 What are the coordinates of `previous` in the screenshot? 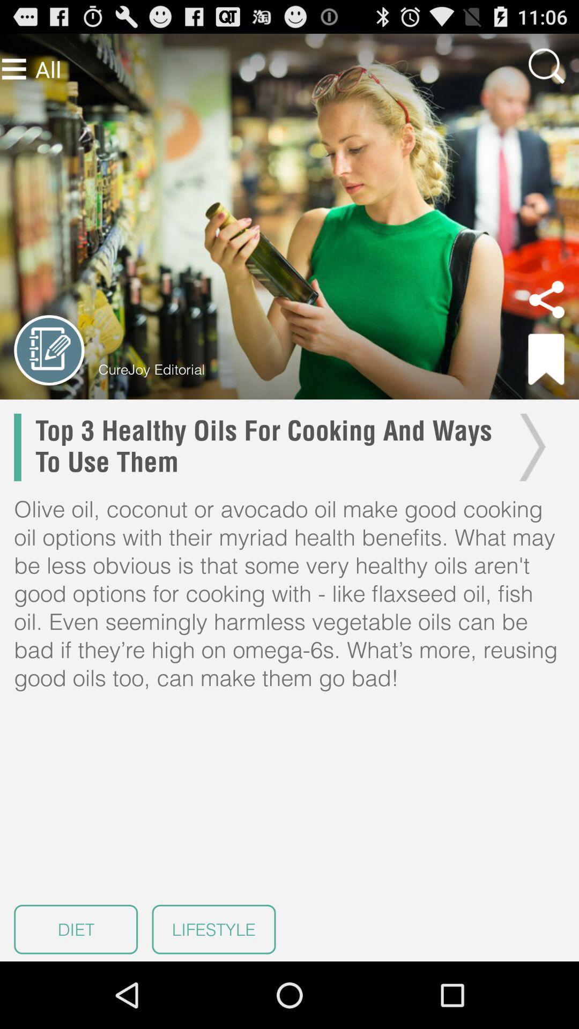 It's located at (49, 350).